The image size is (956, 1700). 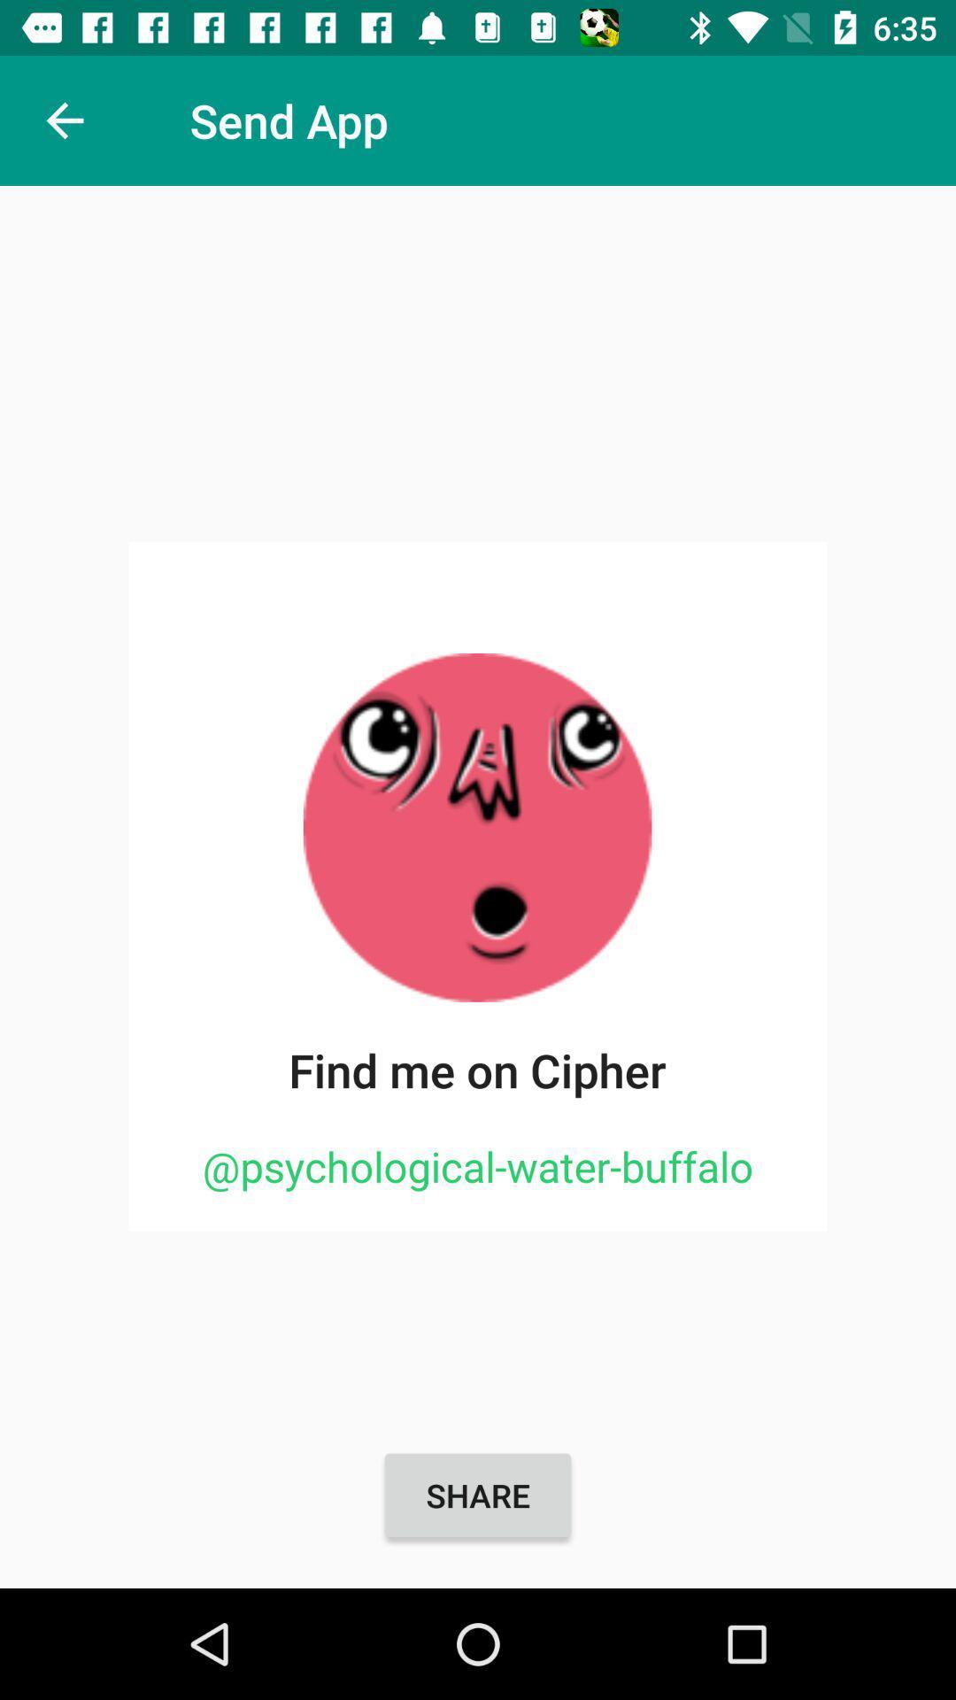 What do you see at coordinates (478, 1495) in the screenshot?
I see `the item below the @psychological-water-buffalo icon` at bounding box center [478, 1495].